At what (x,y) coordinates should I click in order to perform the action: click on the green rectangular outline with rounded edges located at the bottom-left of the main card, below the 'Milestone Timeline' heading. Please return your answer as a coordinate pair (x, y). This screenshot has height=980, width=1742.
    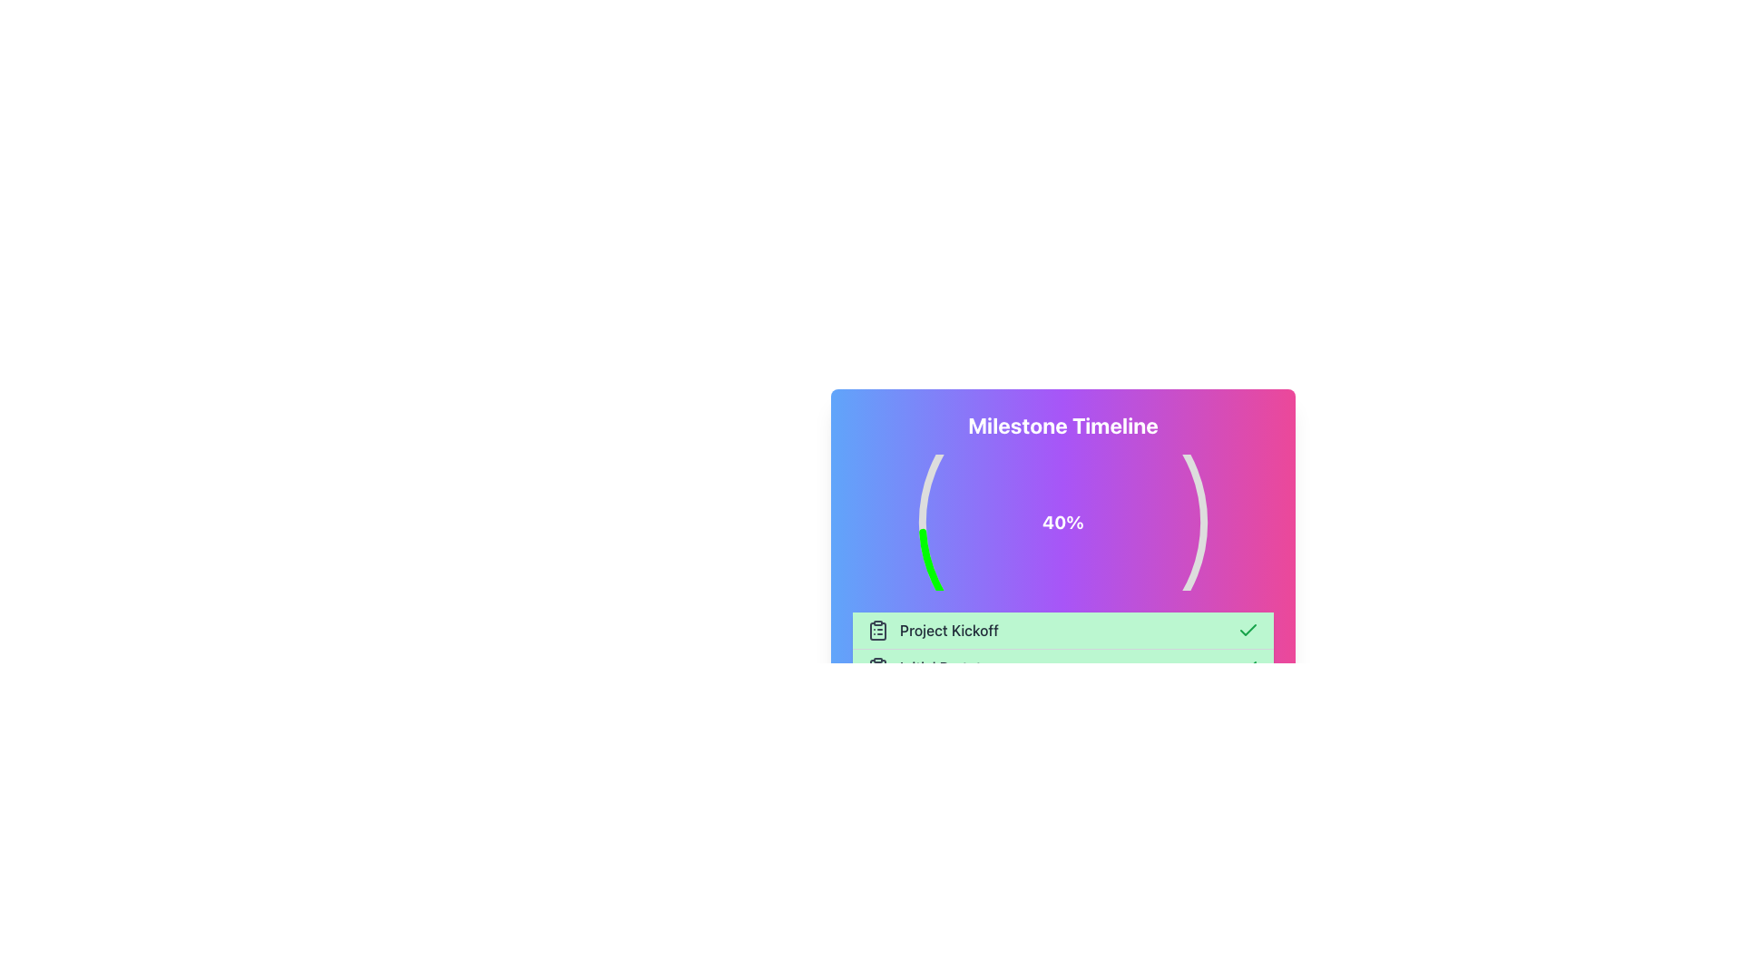
    Looking at the image, I should click on (878, 630).